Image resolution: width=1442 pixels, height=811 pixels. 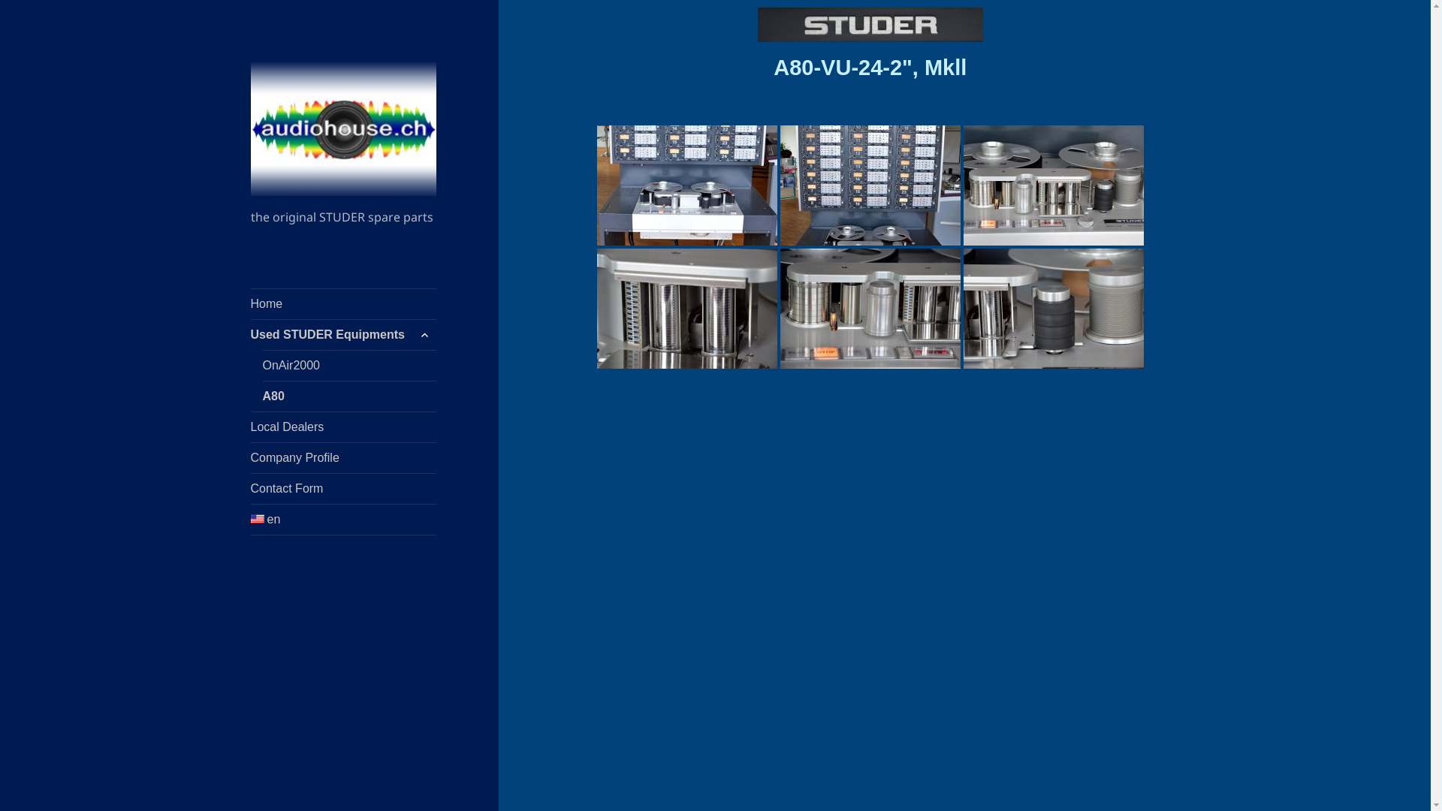 I want to click on 'A80-VU-24-239-2-scaled', so click(x=870, y=184).